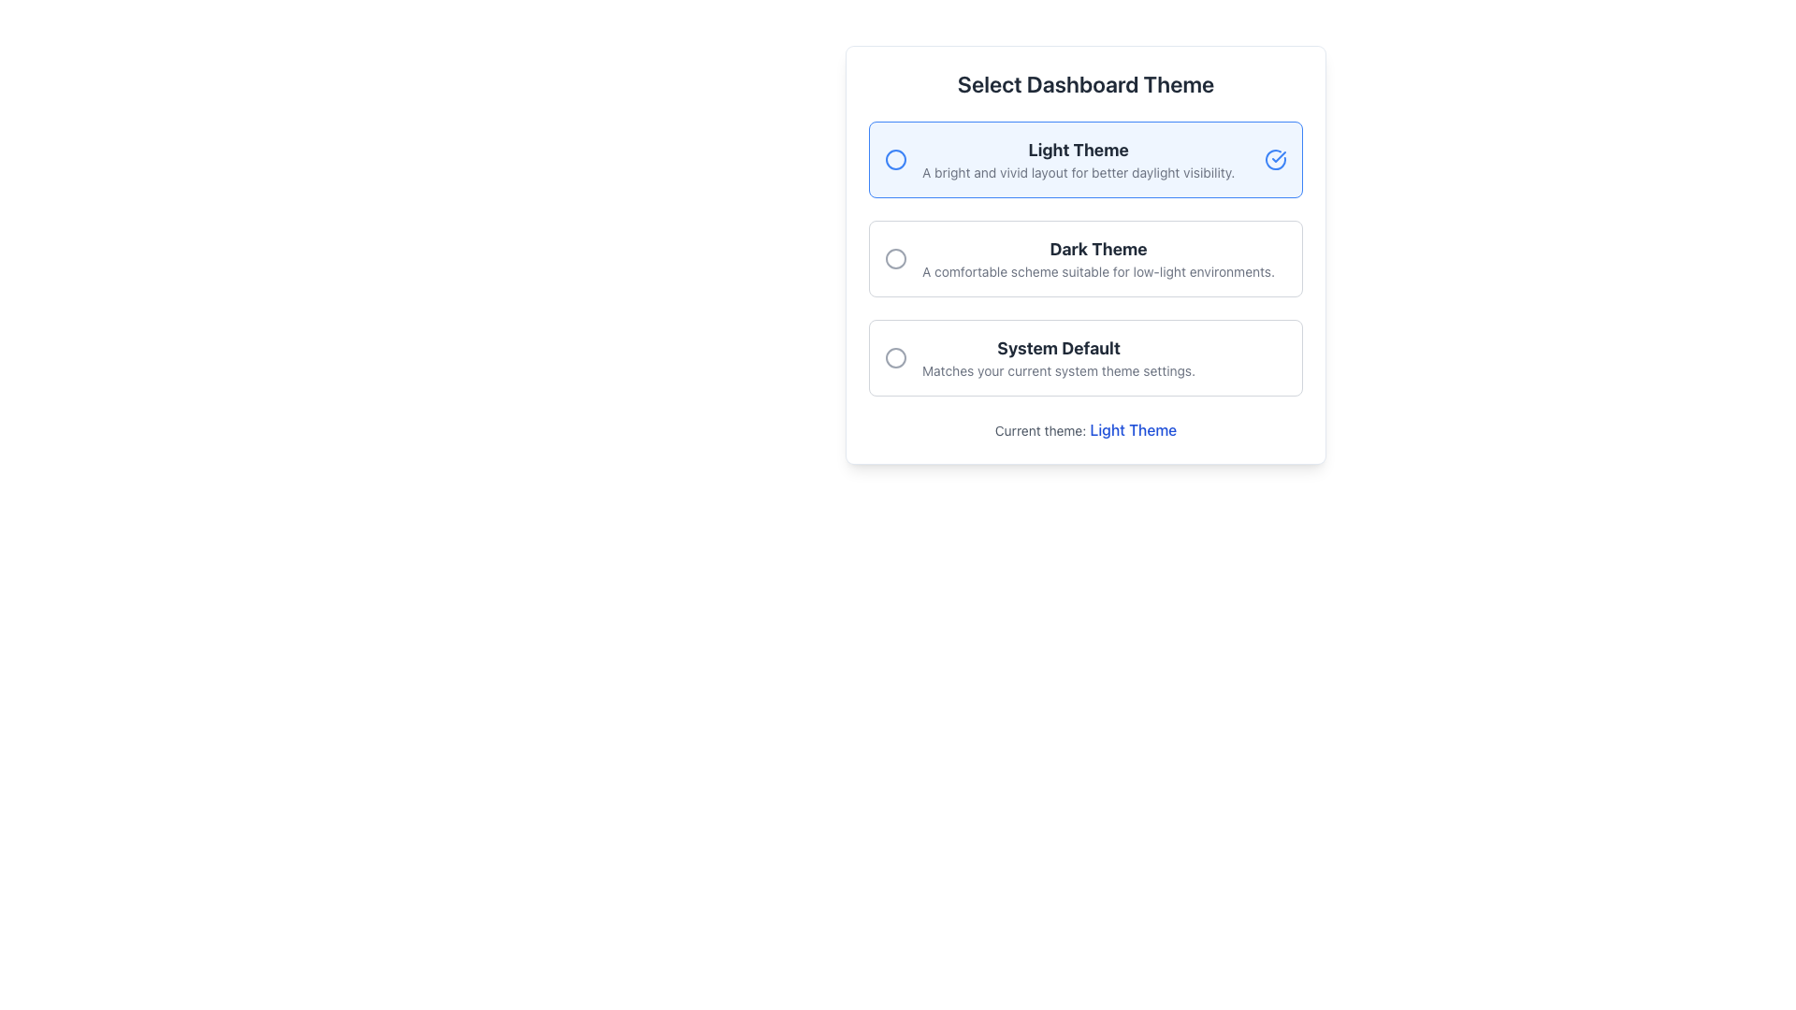 This screenshot has width=1796, height=1010. What do you see at coordinates (1132, 429) in the screenshot?
I see `the text label element reading 'Light Theme', which is styled in blue and is part of the phrase 'Current theme: Light Theme'` at bounding box center [1132, 429].